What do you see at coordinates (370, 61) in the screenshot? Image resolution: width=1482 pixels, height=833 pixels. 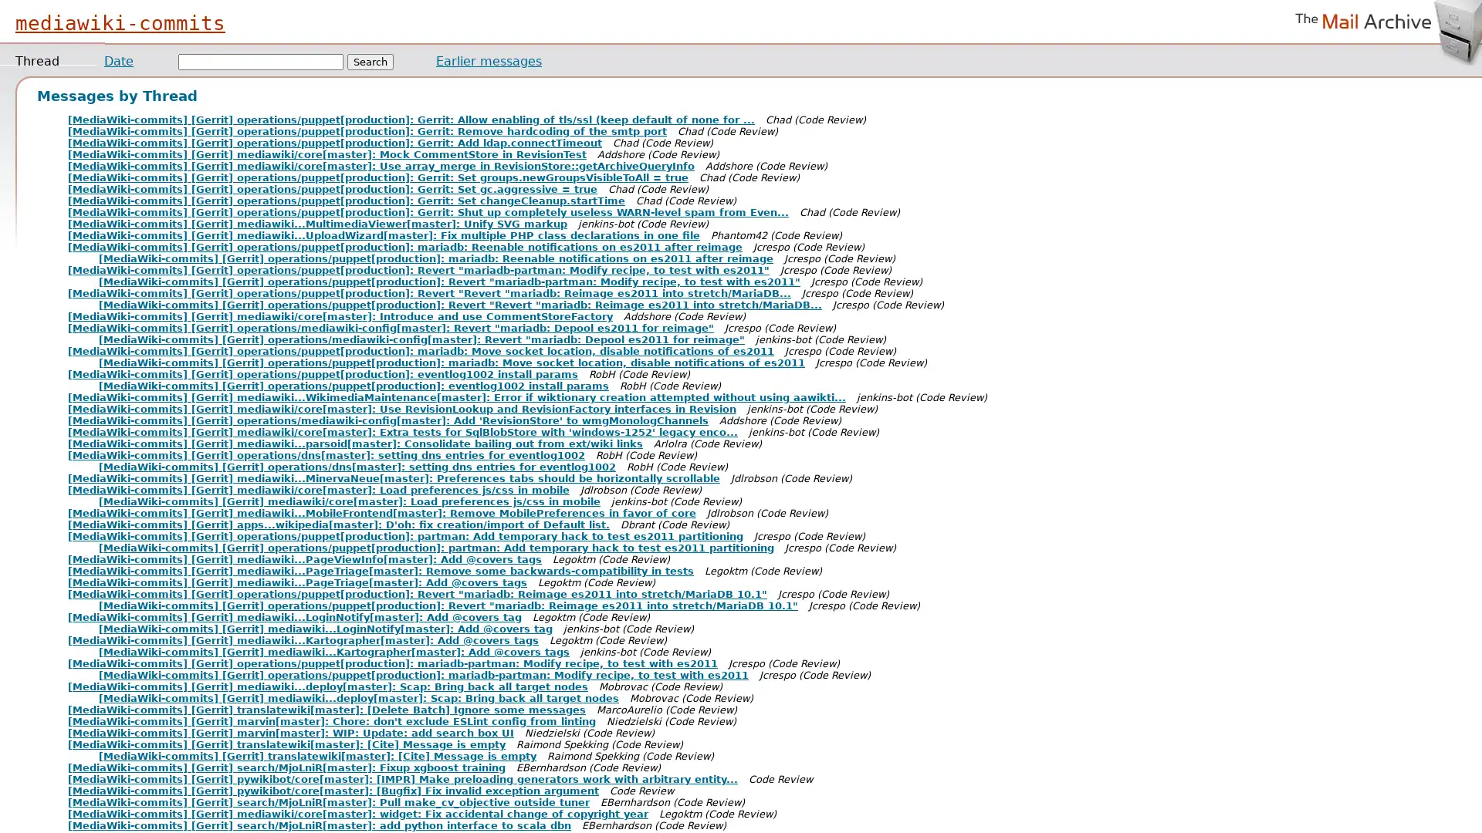 I see `Search` at bounding box center [370, 61].